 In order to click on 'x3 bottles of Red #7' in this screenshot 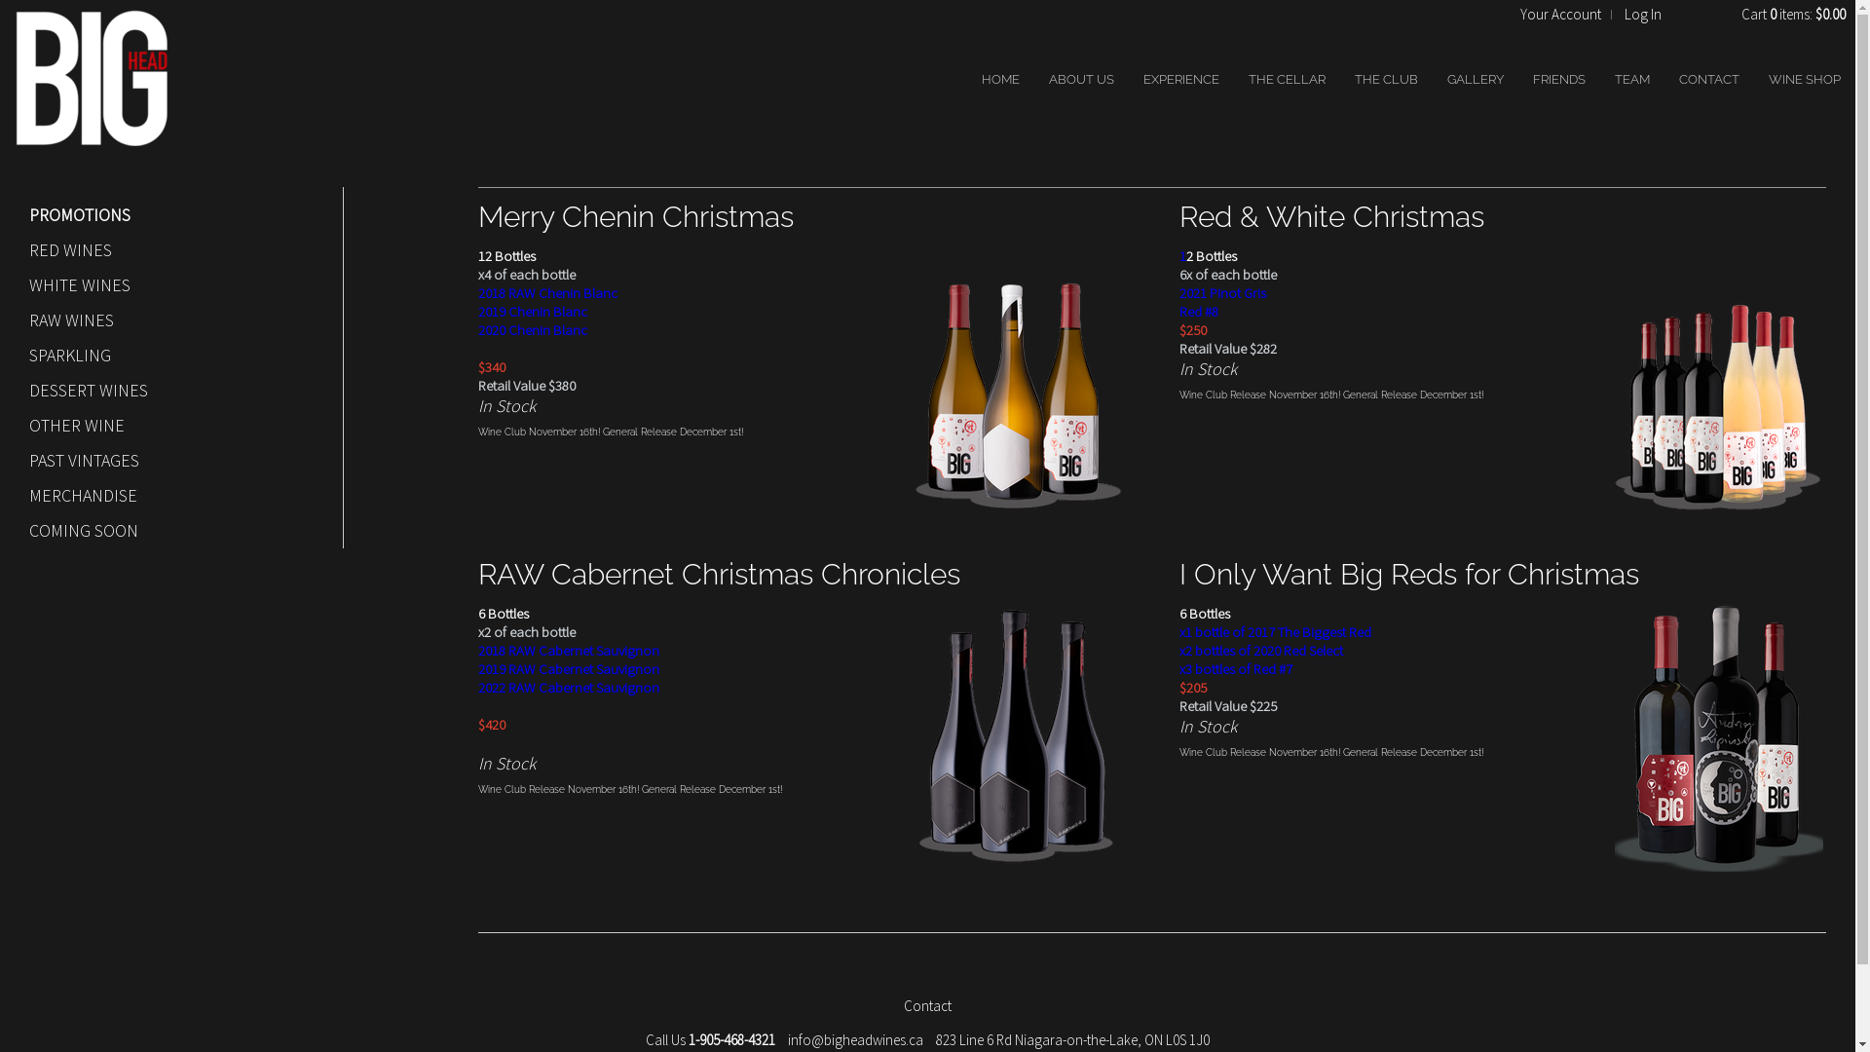, I will do `click(1234, 667)`.